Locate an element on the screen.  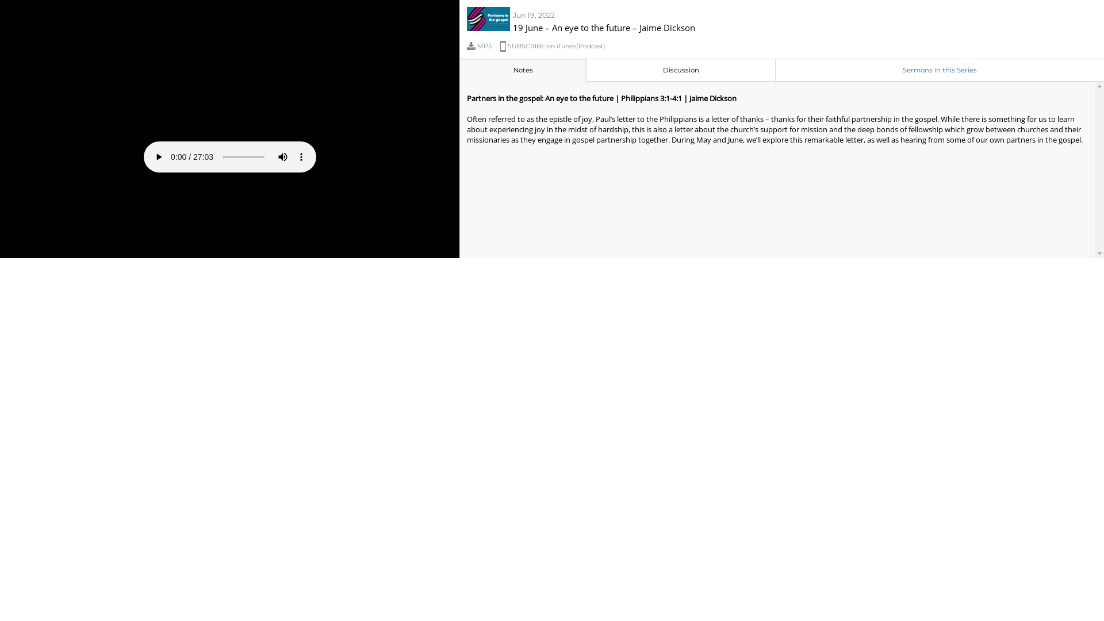
'Sermons in this Series' is located at coordinates (940, 70).